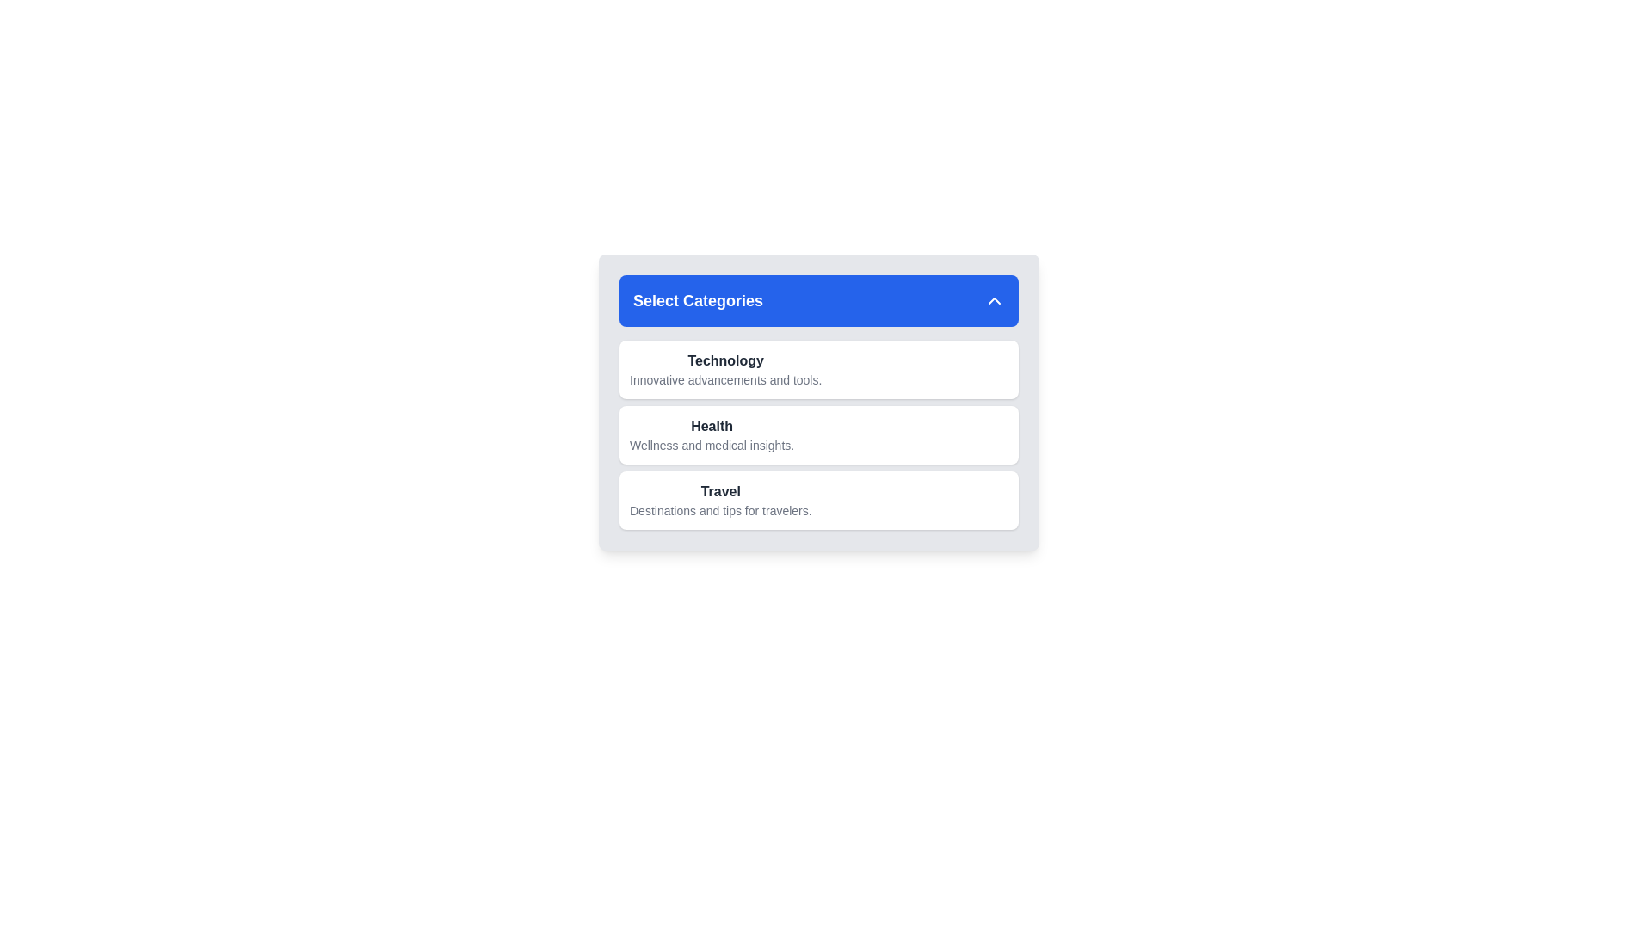 This screenshot has width=1652, height=929. What do you see at coordinates (712, 444) in the screenshot?
I see `static text label reading 'Wellness and medical insights.' located beneath the 'Health' title in the second category section of the card component` at bounding box center [712, 444].